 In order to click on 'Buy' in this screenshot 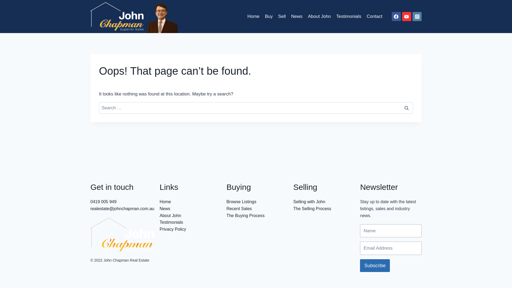, I will do `click(269, 16)`.